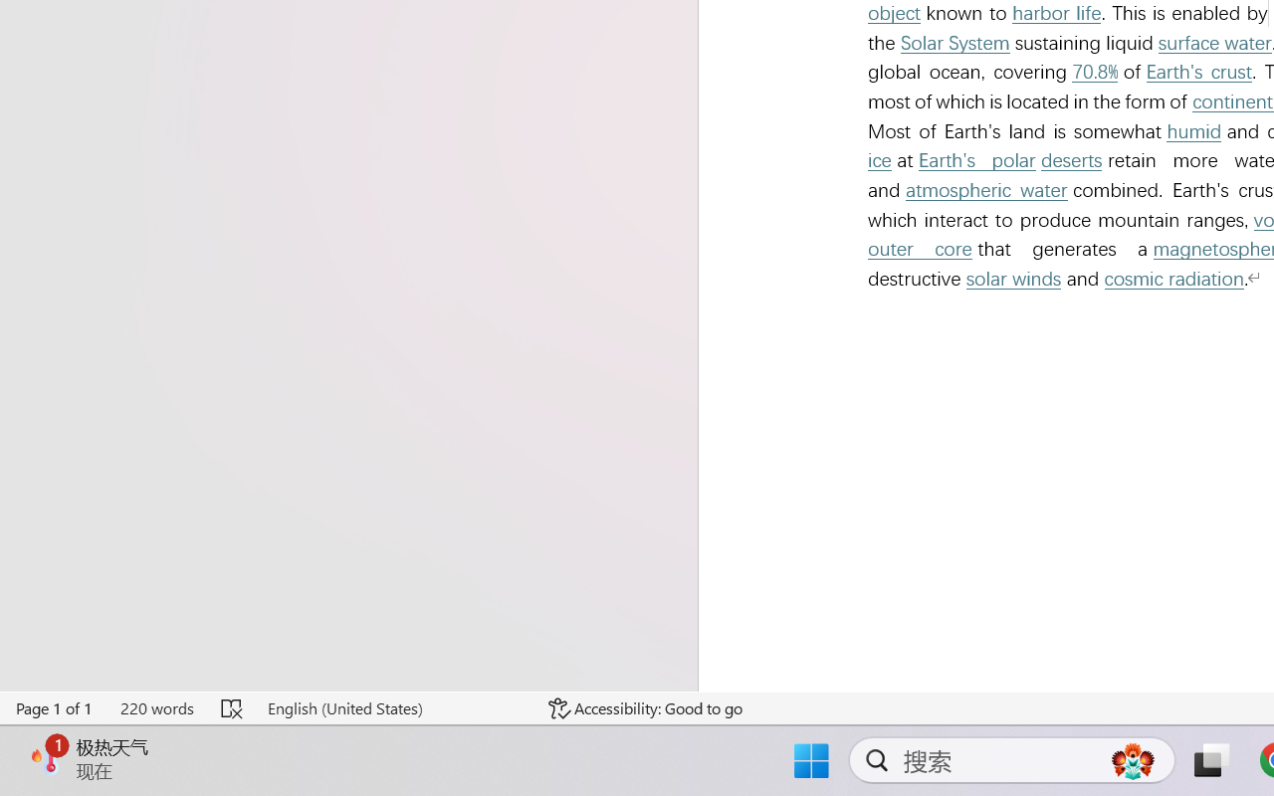  I want to click on 'humid', so click(1194, 130).